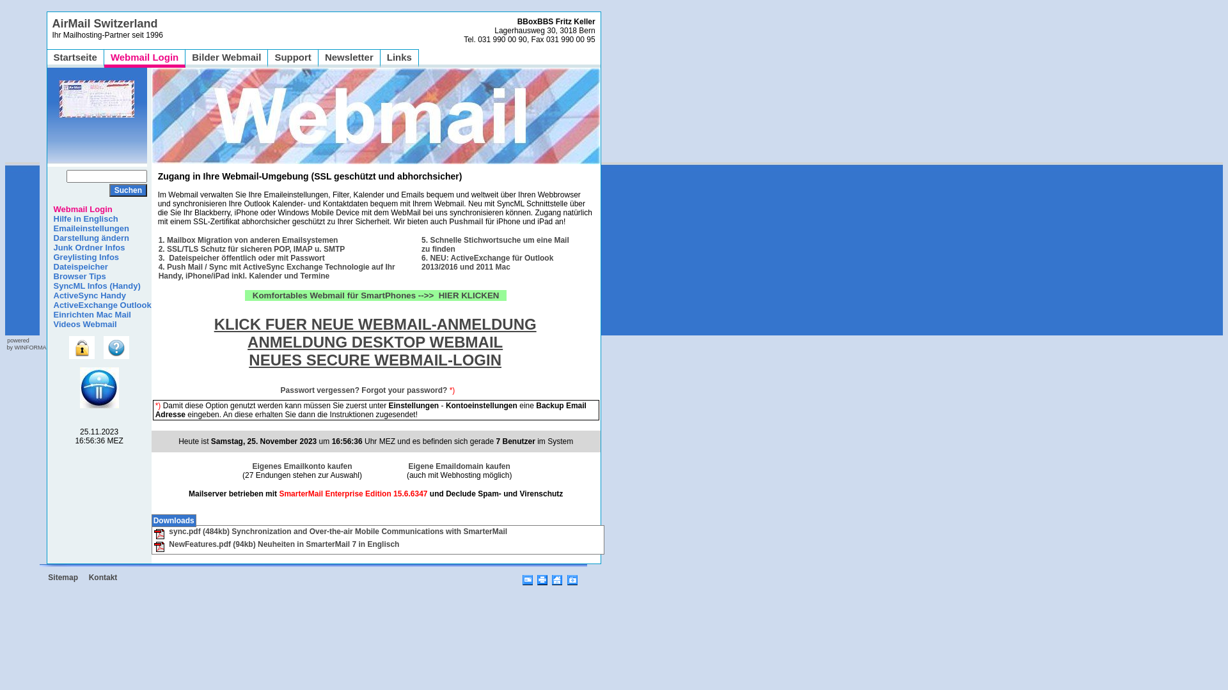  I want to click on 'Passwort vergessen? Forgot your password?', so click(363, 394).